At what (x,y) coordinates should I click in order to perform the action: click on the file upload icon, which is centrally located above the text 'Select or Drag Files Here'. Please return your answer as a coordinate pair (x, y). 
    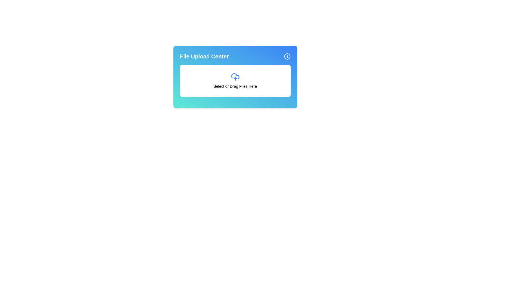
    Looking at the image, I should click on (235, 77).